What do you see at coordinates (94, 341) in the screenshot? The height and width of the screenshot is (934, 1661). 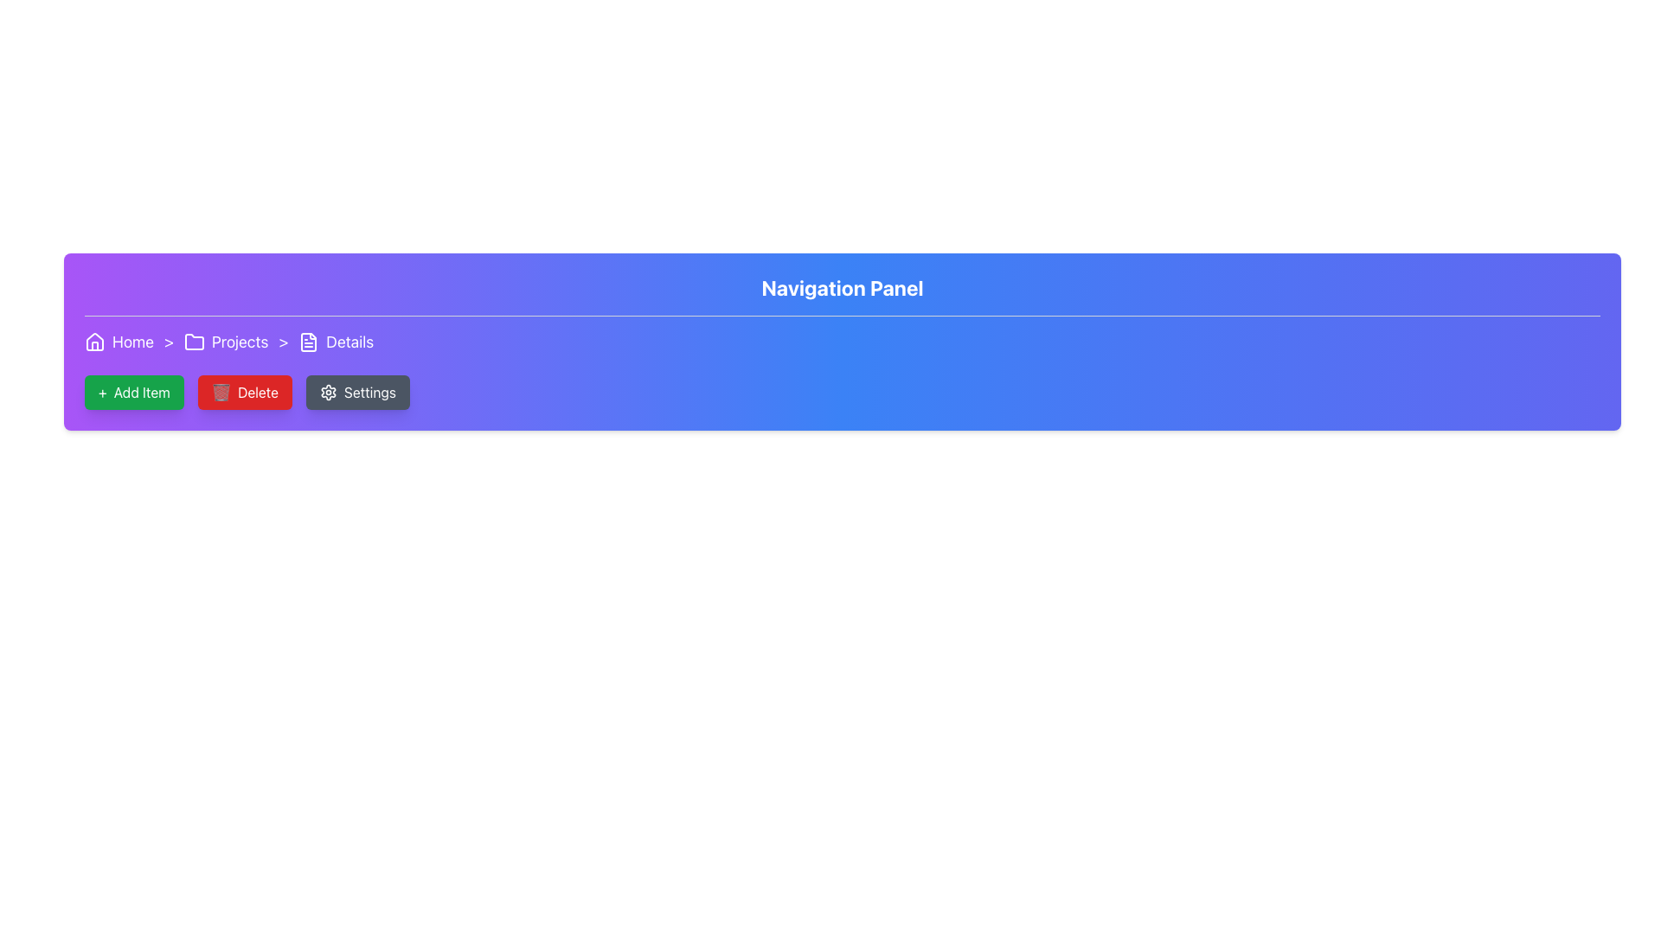 I see `the house-shaped icon in the breadcrumb navigation bar located to the left of the 'Home' text link` at bounding box center [94, 341].